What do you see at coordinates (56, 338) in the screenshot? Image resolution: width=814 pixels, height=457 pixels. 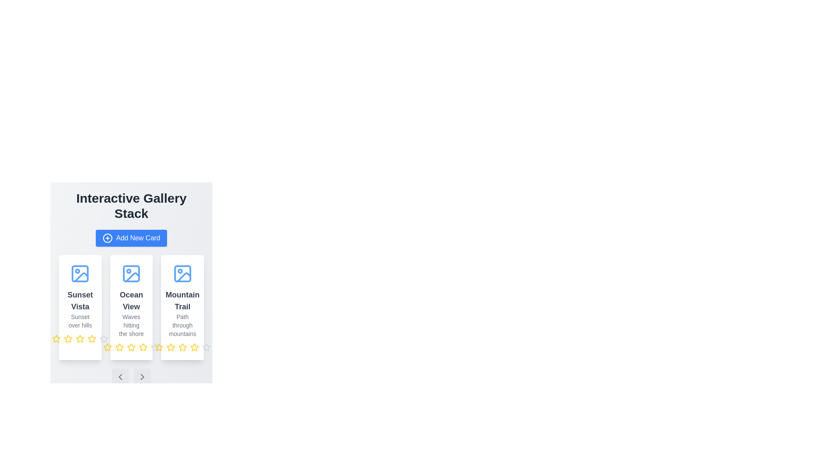 I see `from the first rating star icon of the 'Sunset Vista' card` at bounding box center [56, 338].